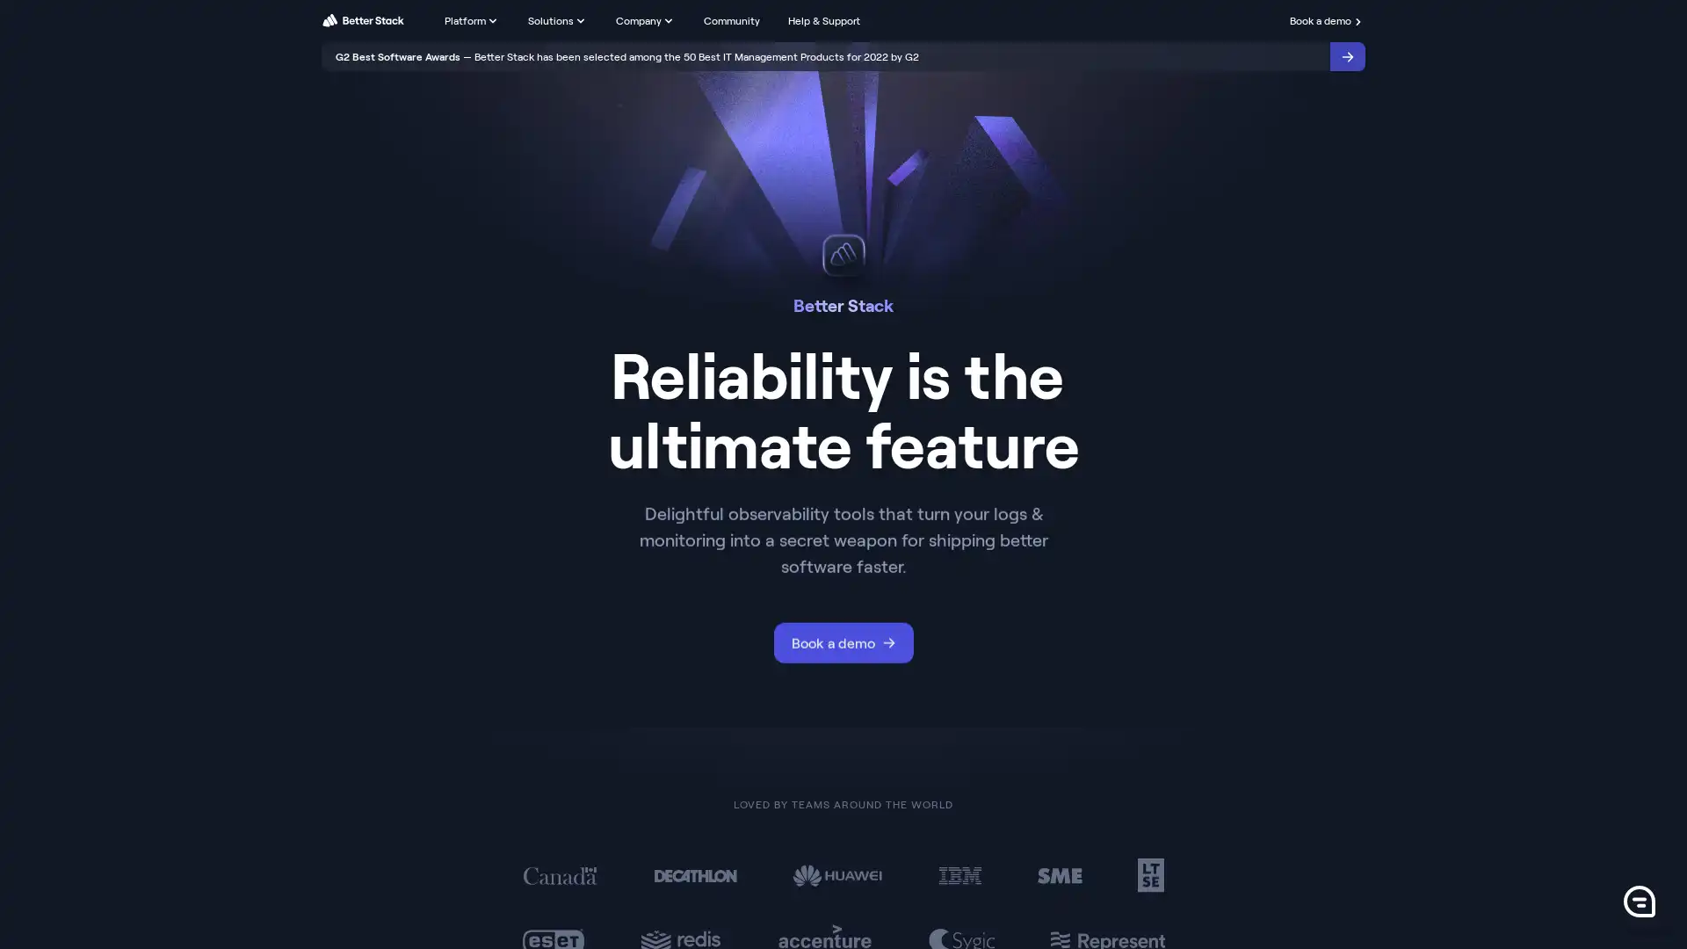 The width and height of the screenshot is (1687, 949). What do you see at coordinates (1639, 902) in the screenshot?
I see `0 Launch Front Chat` at bounding box center [1639, 902].